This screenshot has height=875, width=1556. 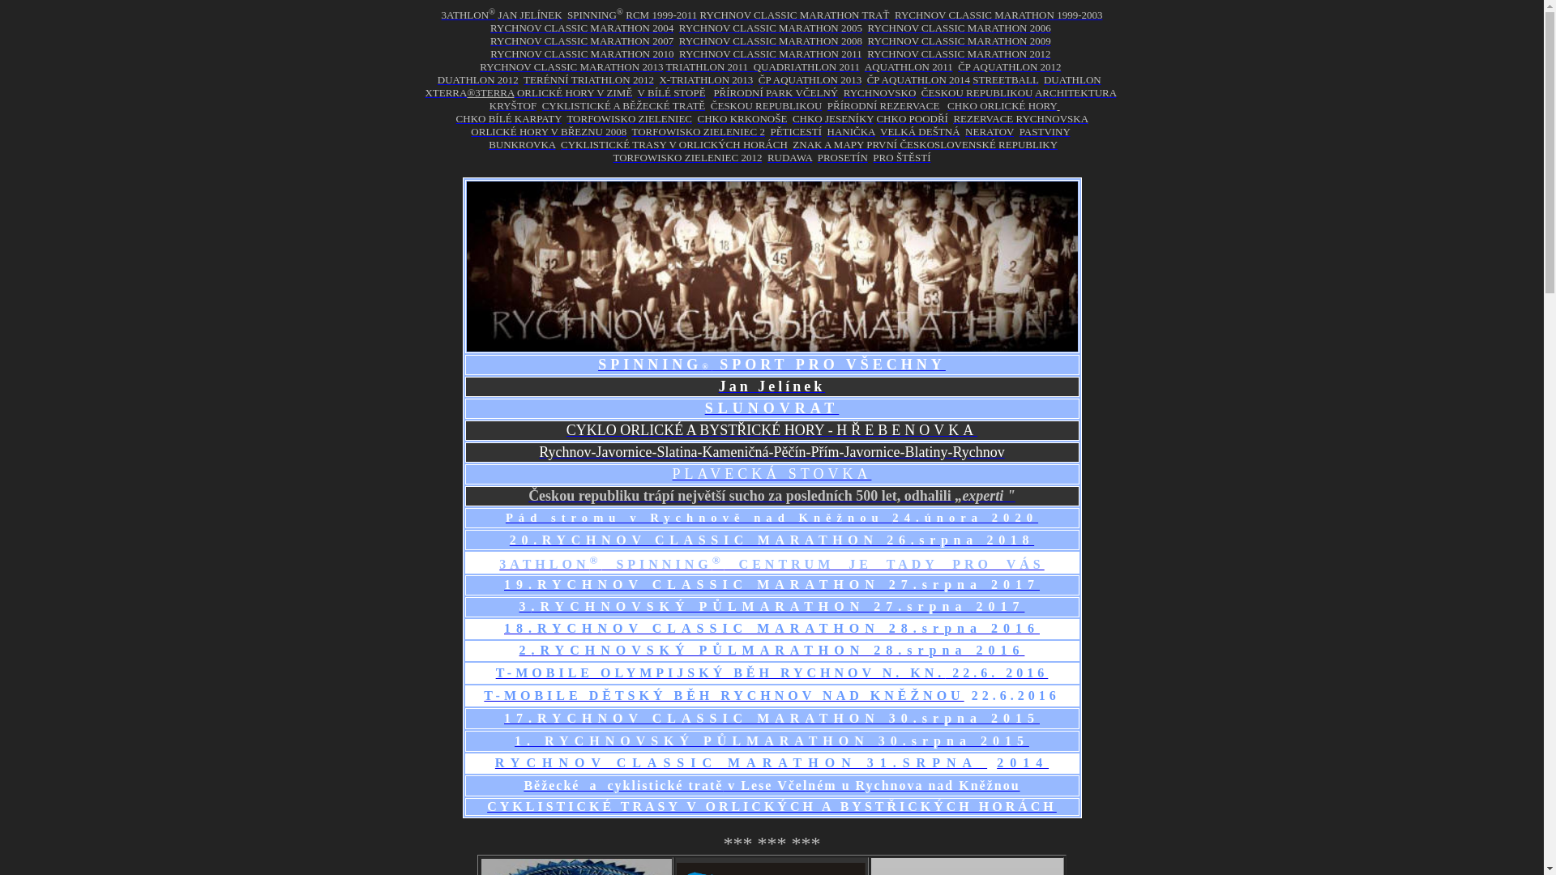 I want to click on 'RYCHNOV CLASSIC MARATHON 2004', so click(x=582, y=28).